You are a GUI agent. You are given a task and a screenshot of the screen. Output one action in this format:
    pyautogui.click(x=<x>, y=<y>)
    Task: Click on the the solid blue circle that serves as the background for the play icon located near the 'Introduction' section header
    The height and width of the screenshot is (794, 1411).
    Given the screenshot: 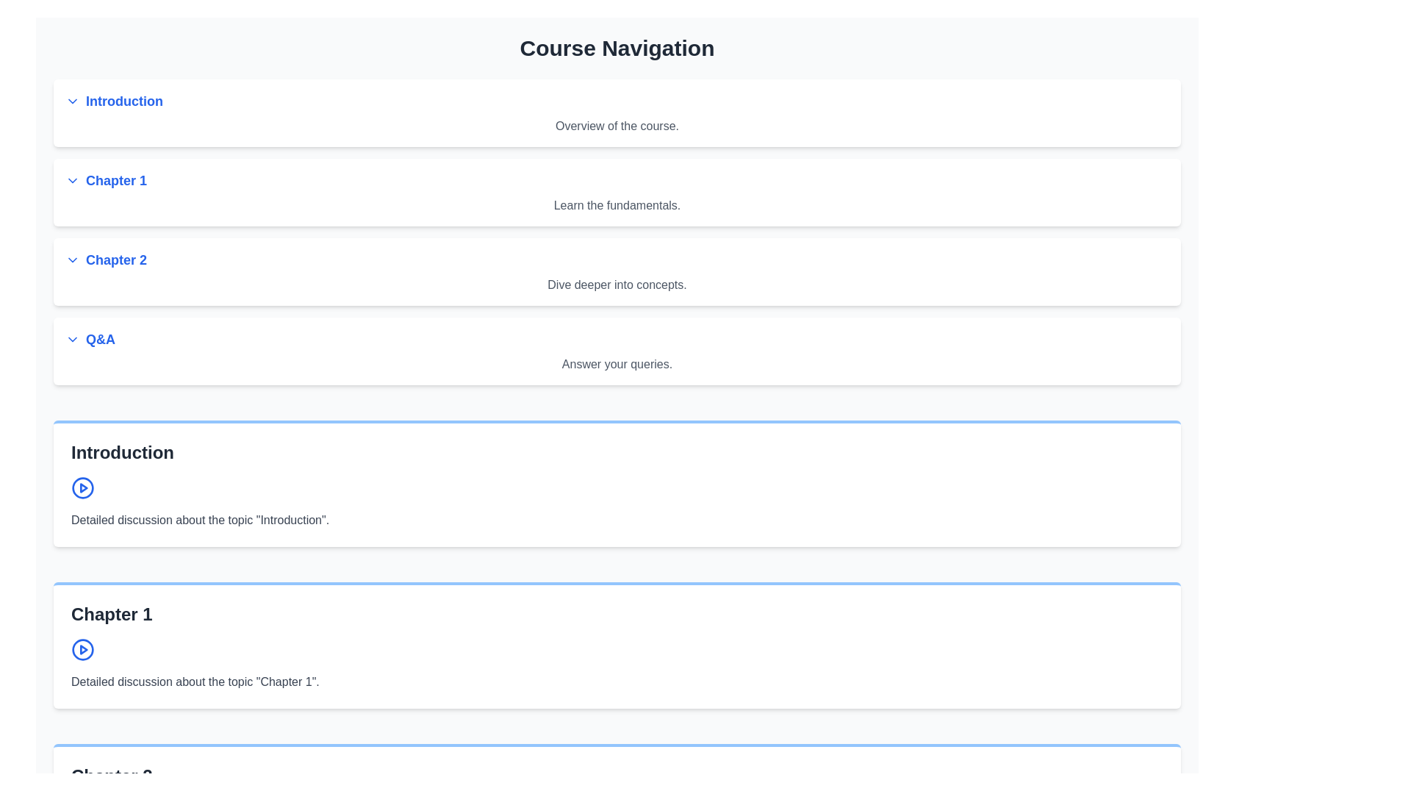 What is the action you would take?
    pyautogui.click(x=82, y=487)
    